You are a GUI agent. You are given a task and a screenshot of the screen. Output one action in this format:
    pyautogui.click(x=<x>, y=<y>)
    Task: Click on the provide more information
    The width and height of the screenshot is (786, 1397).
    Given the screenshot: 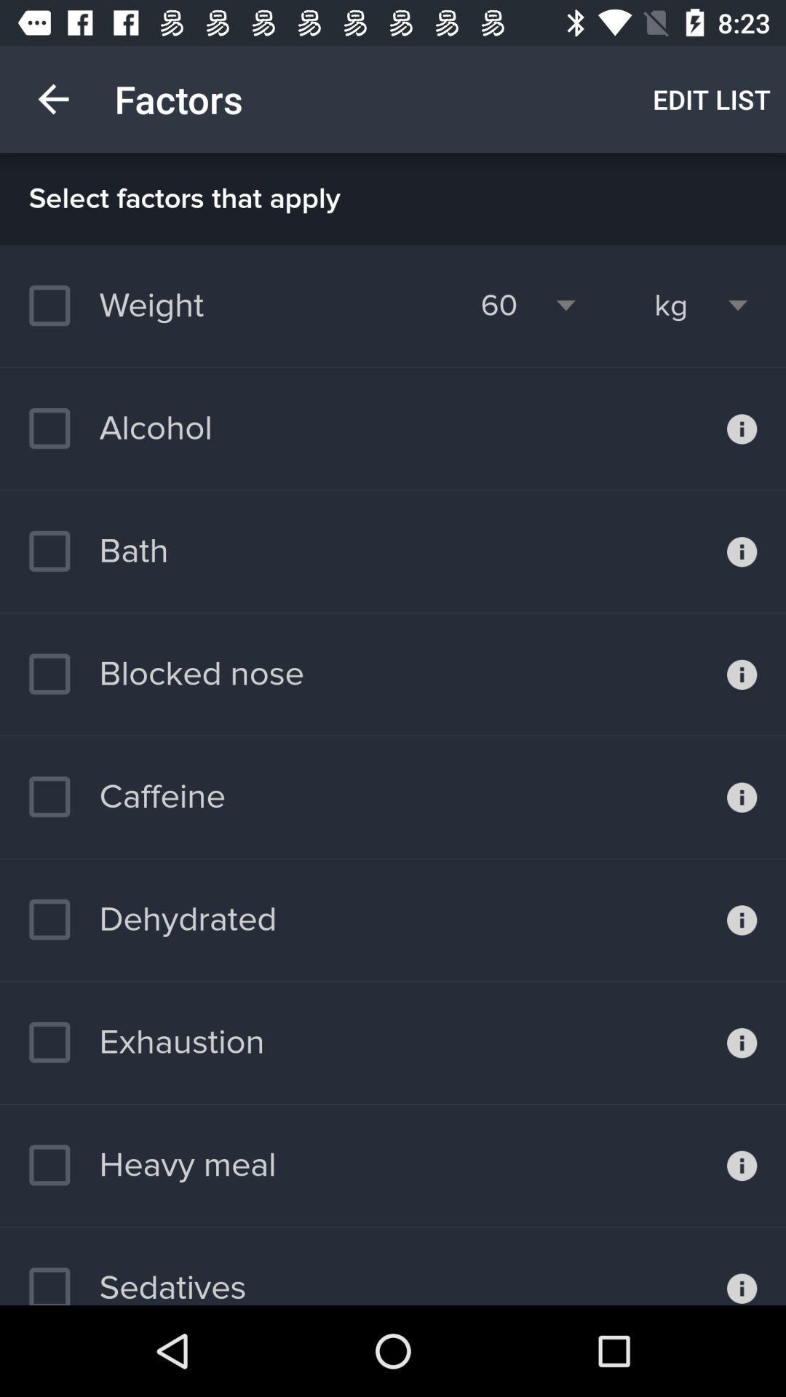 What is the action you would take?
    pyautogui.click(x=742, y=1265)
    